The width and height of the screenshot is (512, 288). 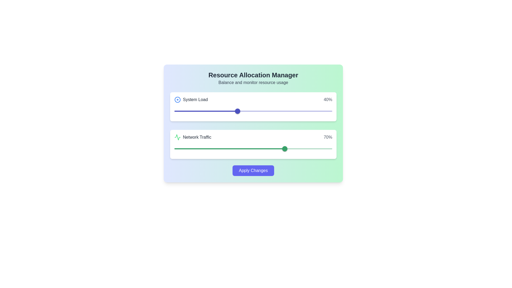 What do you see at coordinates (278, 149) in the screenshot?
I see `network traffic` at bounding box center [278, 149].